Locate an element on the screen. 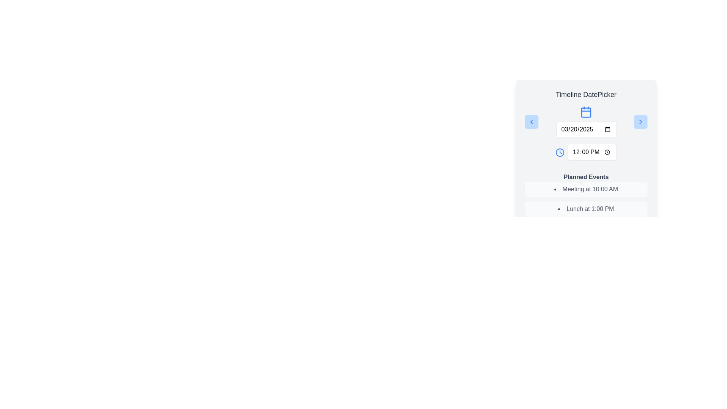  the Date input field located below the 'Timeline DatePicker' header is located at coordinates (586, 121).